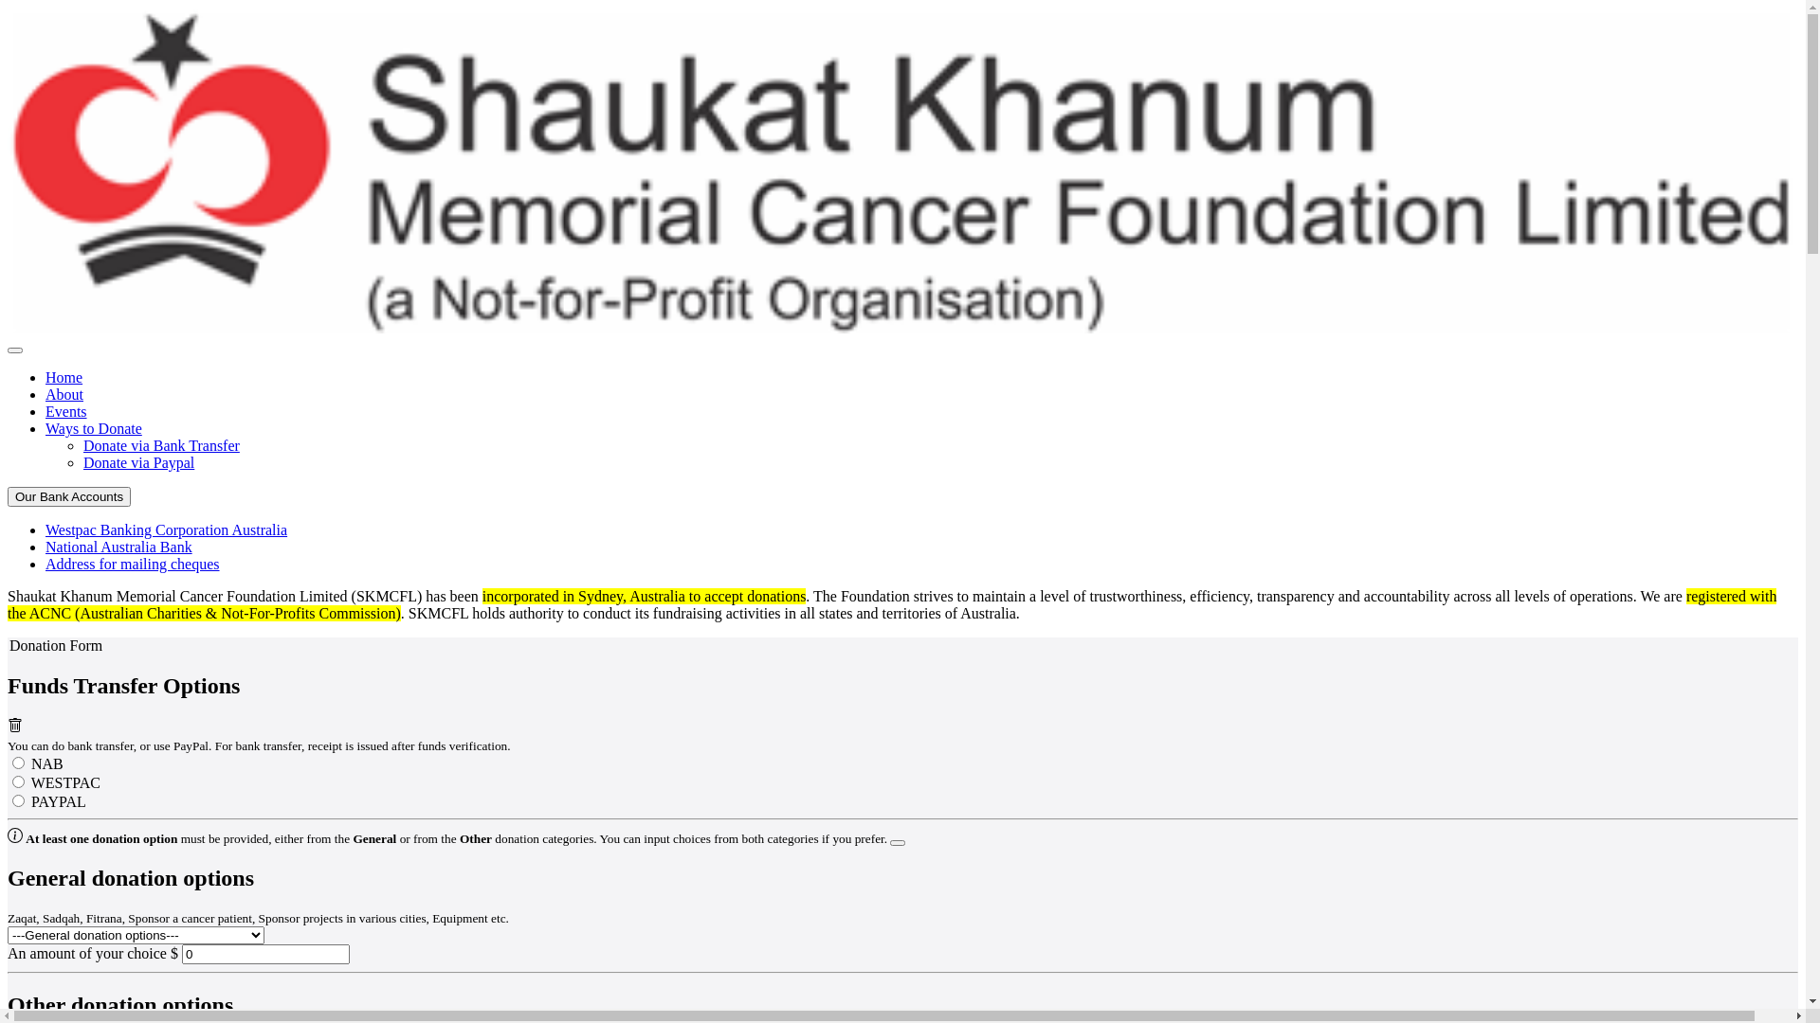  I want to click on 'National Australia Bank', so click(45, 547).